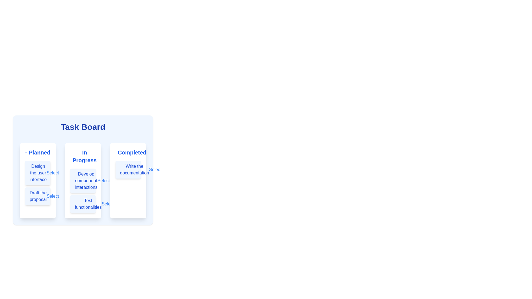 The height and width of the screenshot is (299, 532). Describe the element at coordinates (104, 181) in the screenshot. I see `the 'Select' button, which is styled with blue color and located in the 'In Progress' column beside 'Develop component interactions'` at that location.